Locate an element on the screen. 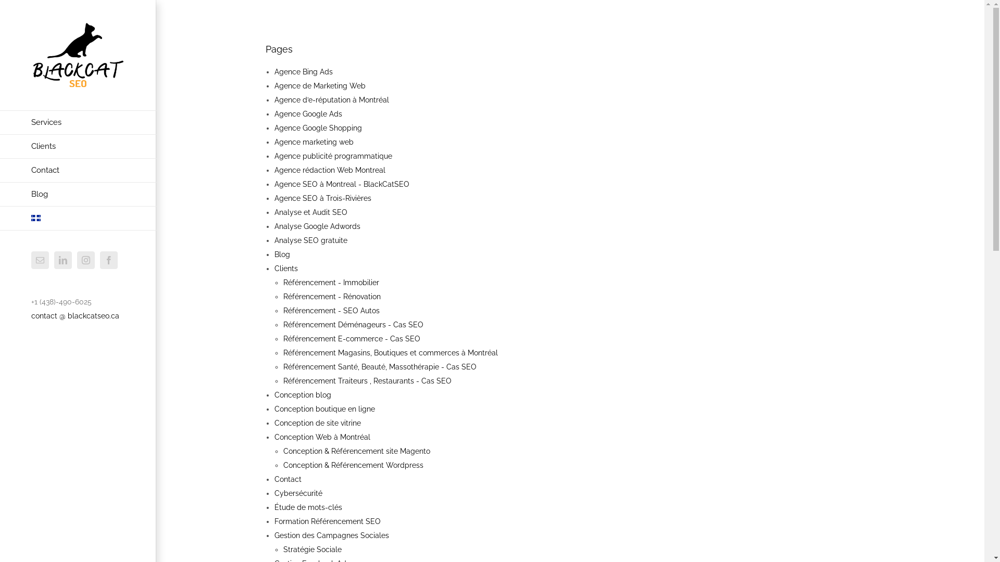 The image size is (1000, 562). 'Facebook' is located at coordinates (109, 260).